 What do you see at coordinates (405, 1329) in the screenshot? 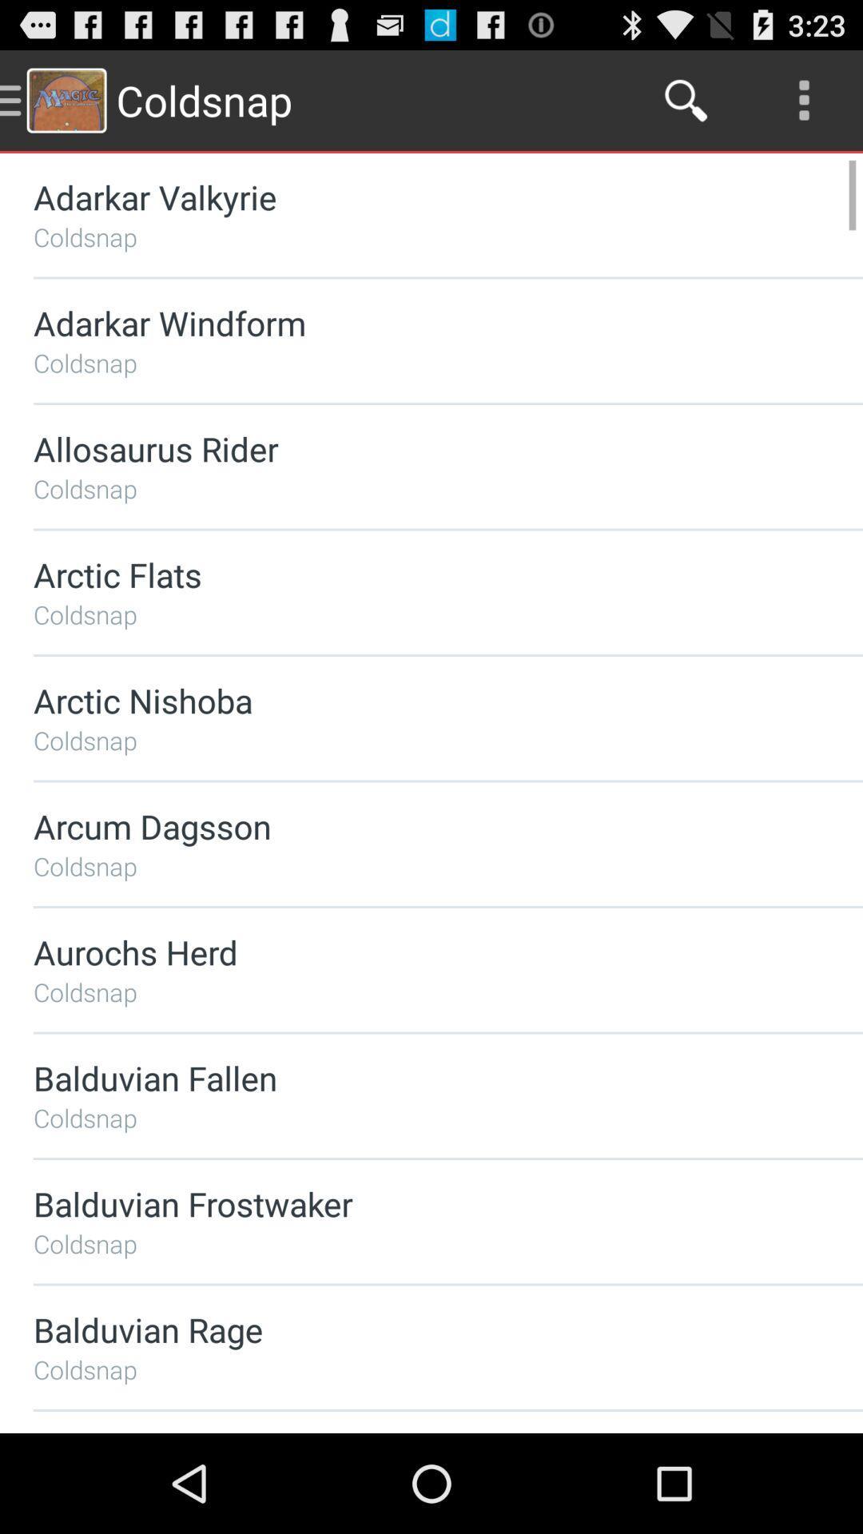
I see `icon above coldsnap item` at bounding box center [405, 1329].